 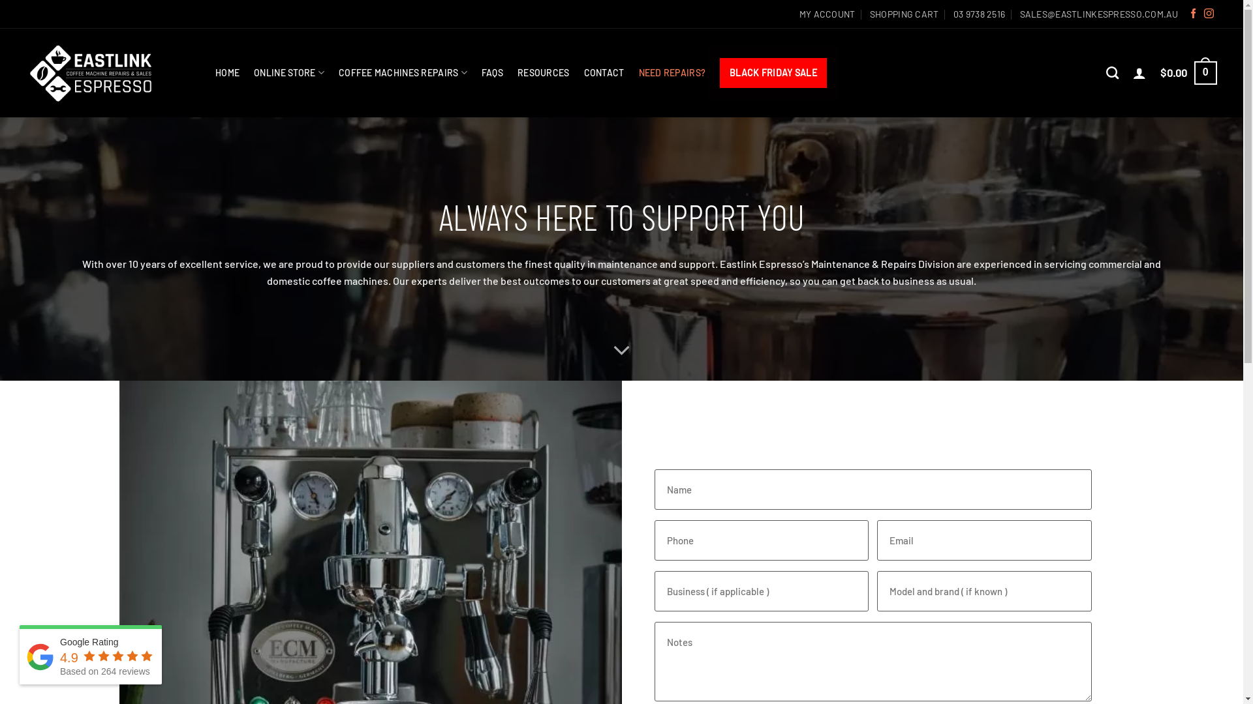 I want to click on 'SALES@EASTLINKESPRESSO.COM.AU', so click(x=1098, y=13).